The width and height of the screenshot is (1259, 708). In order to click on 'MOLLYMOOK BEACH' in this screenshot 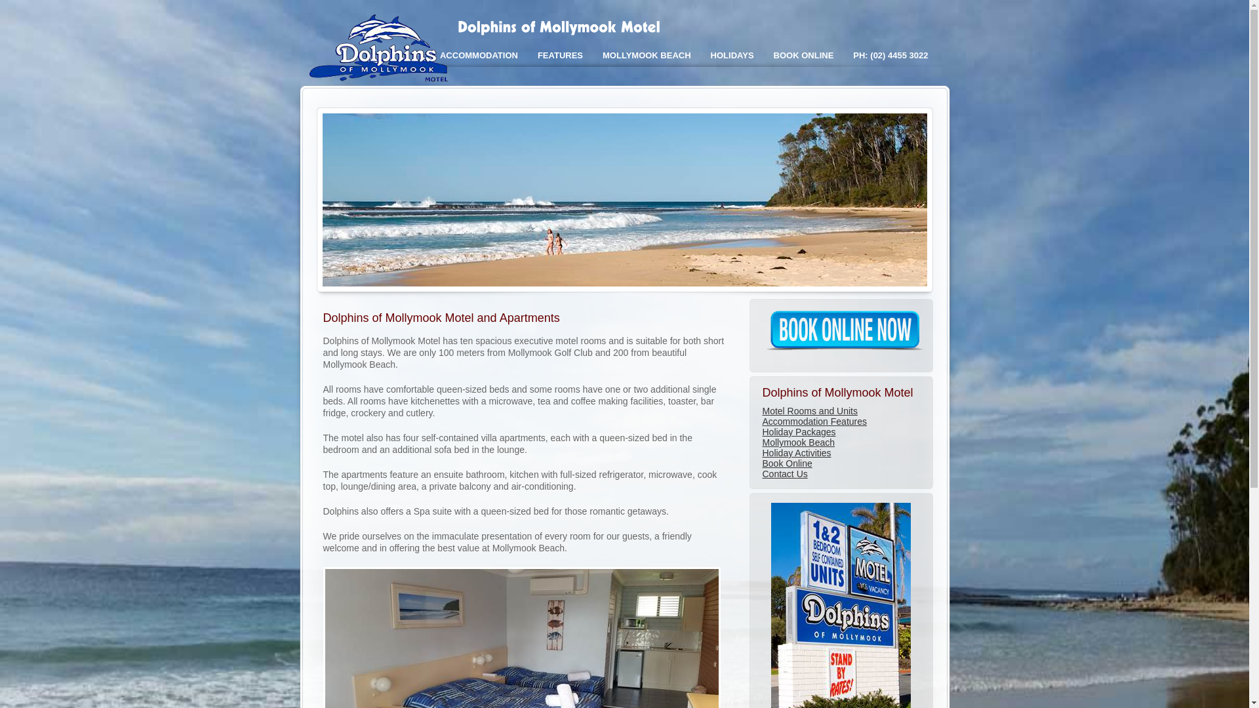, I will do `click(647, 54)`.